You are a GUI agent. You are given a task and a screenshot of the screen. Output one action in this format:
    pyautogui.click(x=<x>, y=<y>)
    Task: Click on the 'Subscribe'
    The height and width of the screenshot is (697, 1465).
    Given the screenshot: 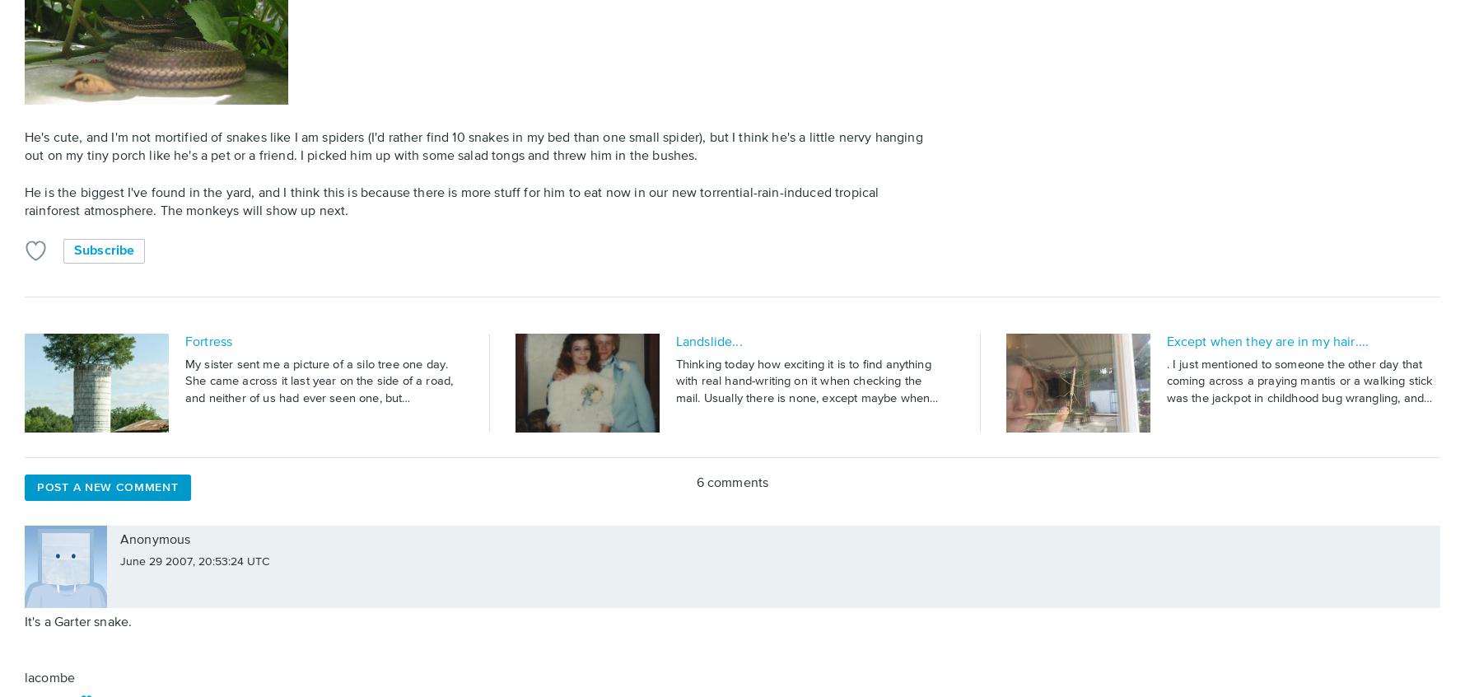 What is the action you would take?
    pyautogui.click(x=103, y=249)
    